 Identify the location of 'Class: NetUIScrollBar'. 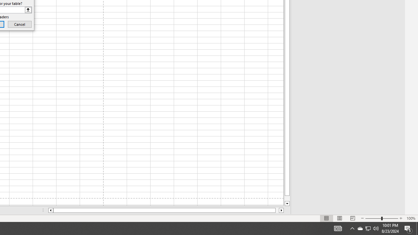
(166, 210).